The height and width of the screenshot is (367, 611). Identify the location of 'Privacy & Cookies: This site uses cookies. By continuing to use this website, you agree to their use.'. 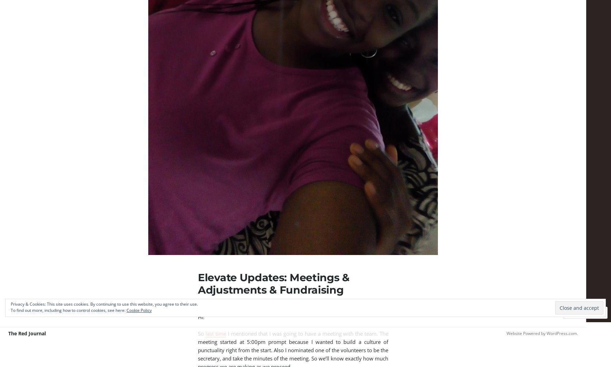
(104, 304).